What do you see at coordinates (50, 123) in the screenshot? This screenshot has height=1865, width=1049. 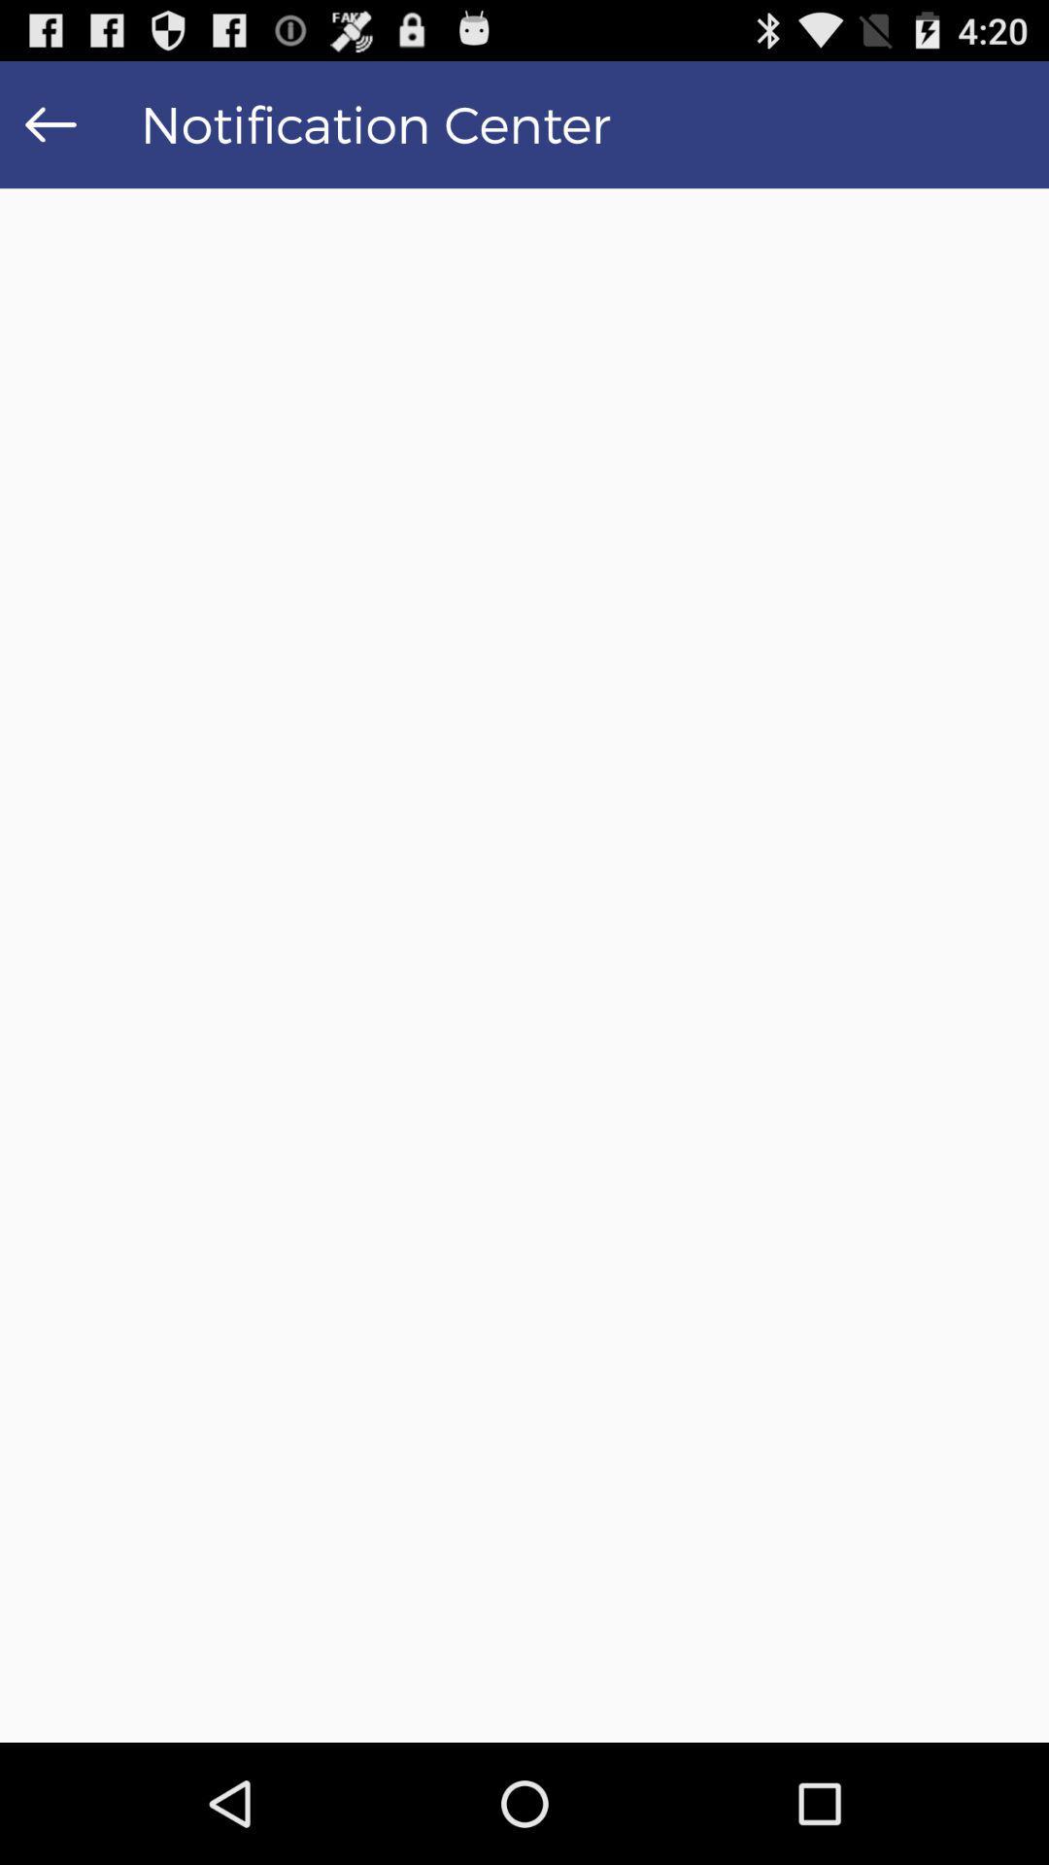 I see `icon at the top left corner` at bounding box center [50, 123].